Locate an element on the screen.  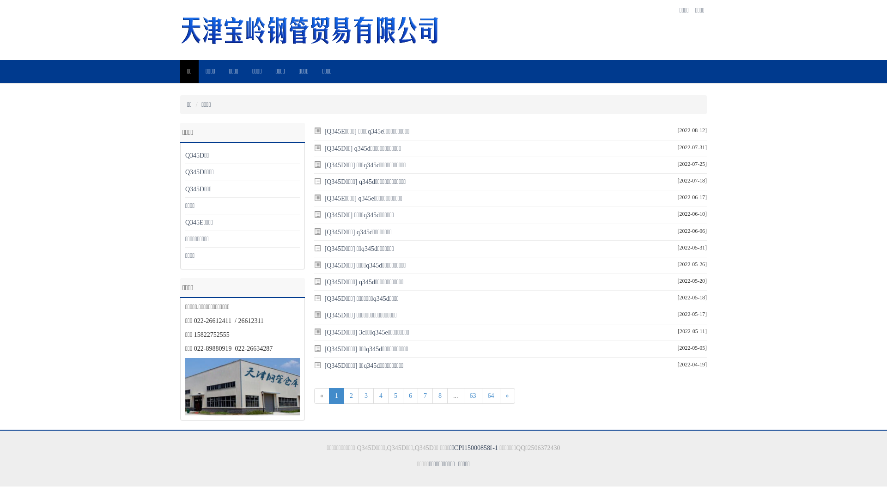
'3' is located at coordinates (365, 395).